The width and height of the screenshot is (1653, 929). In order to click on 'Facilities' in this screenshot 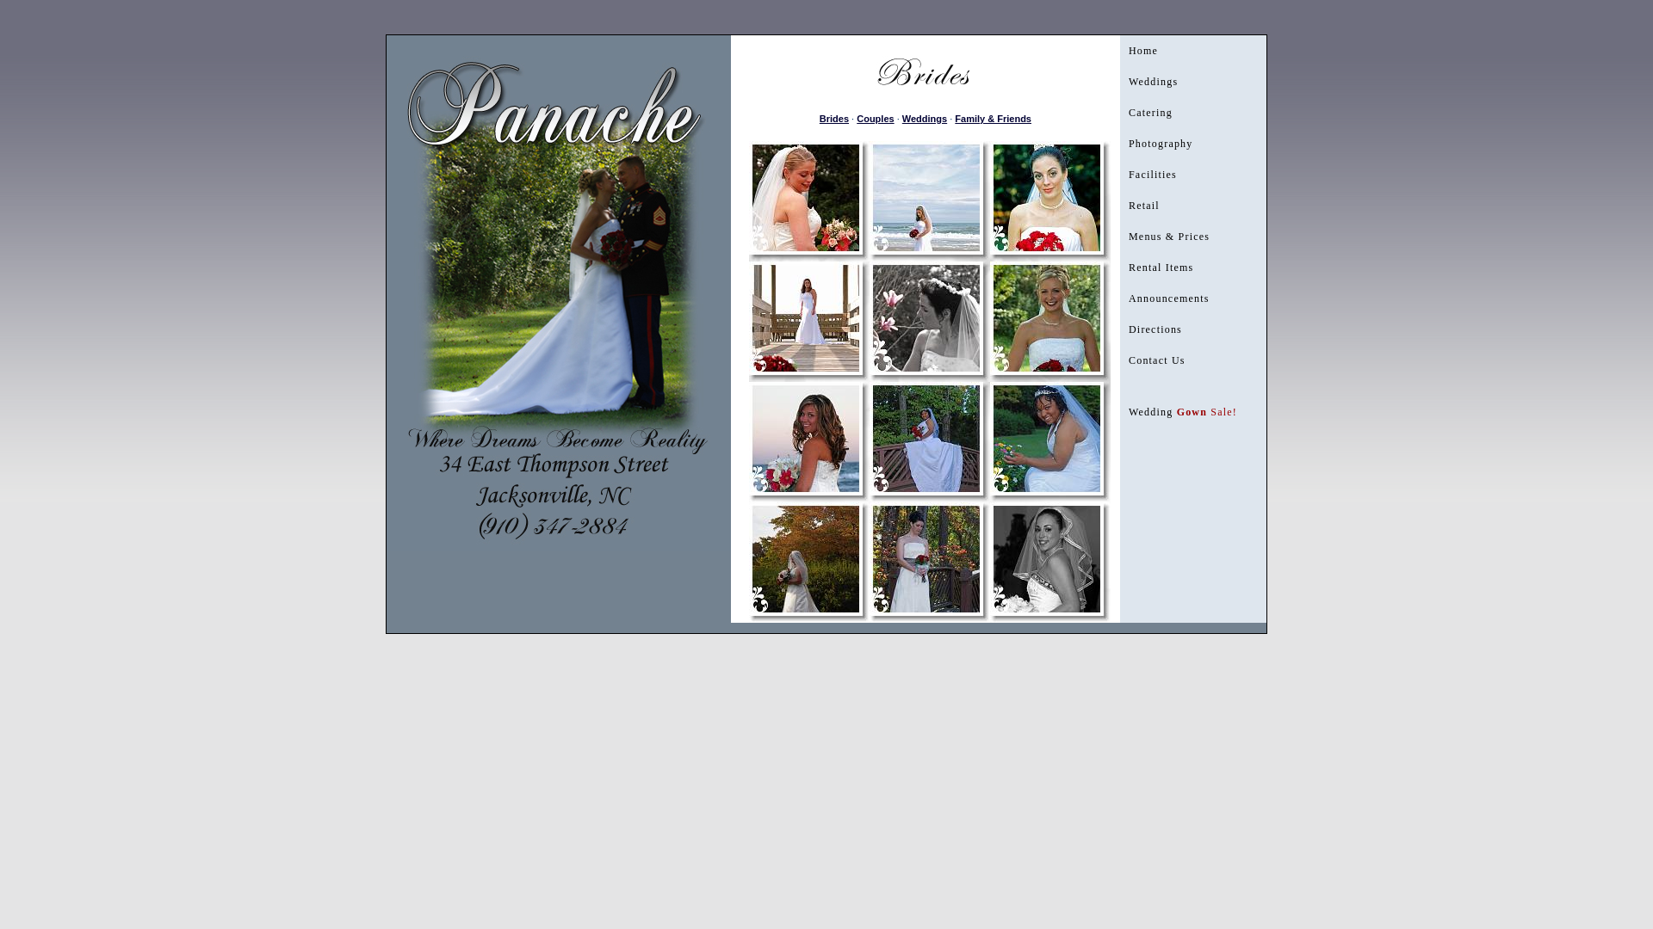, I will do `click(1119, 175)`.